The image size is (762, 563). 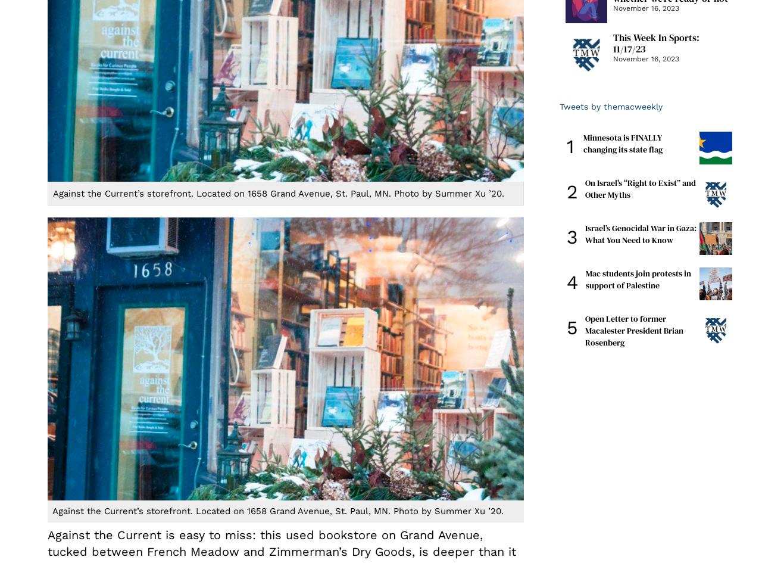 I want to click on 'Mac students join protests in support of Palestine', so click(x=638, y=278).